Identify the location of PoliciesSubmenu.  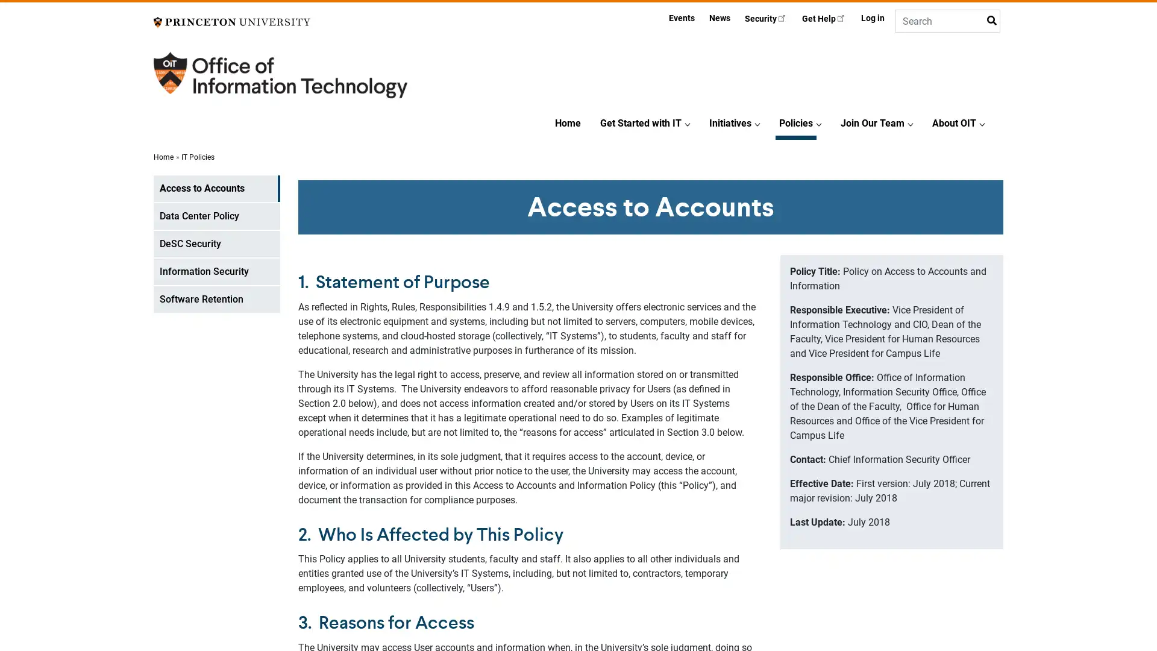
(818, 124).